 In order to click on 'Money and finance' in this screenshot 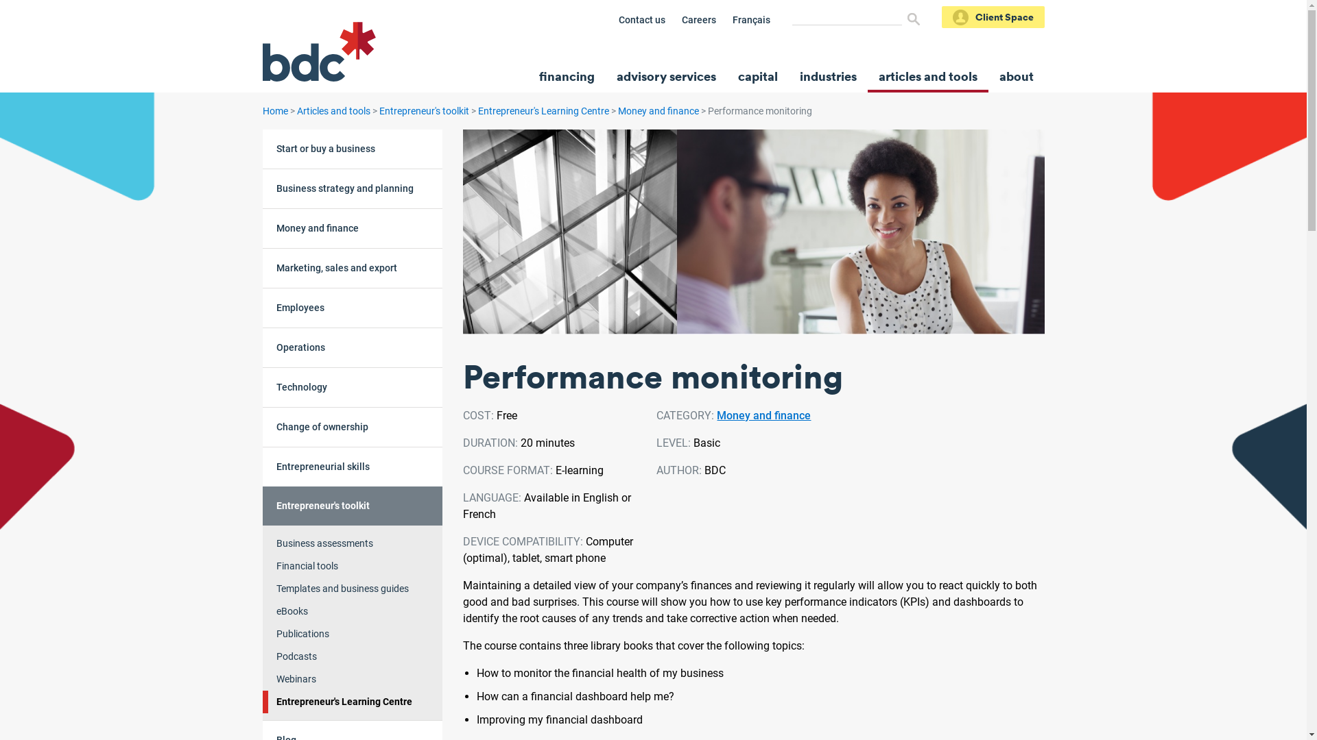, I will do `click(763, 415)`.